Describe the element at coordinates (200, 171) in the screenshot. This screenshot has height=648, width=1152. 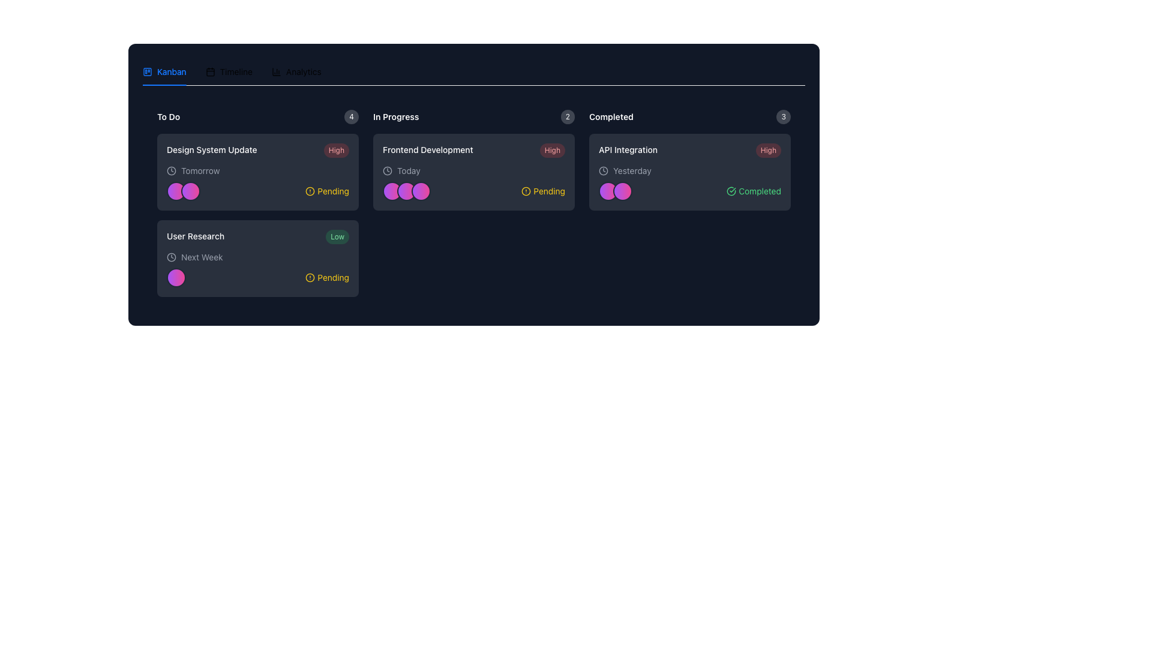
I see `the static text indicating the due date for the task within the 'Design System Update' card in the 'To Do' column, located between a clock icon and task details` at that location.